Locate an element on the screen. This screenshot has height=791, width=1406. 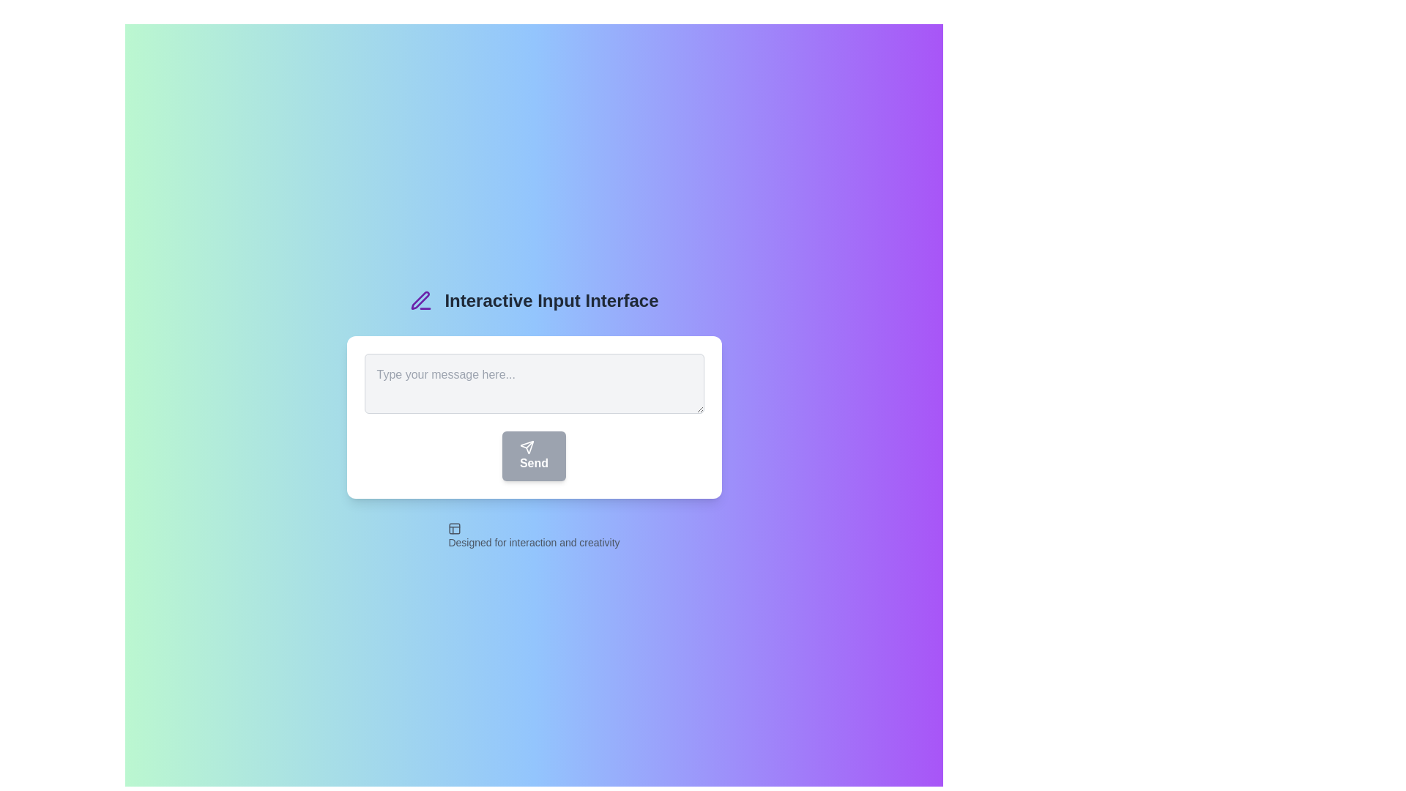
the small rectangular SVG graphic with rounded corners located in the bottom section of the interface, slightly left of the horizontal centerline is located at coordinates (454, 528).